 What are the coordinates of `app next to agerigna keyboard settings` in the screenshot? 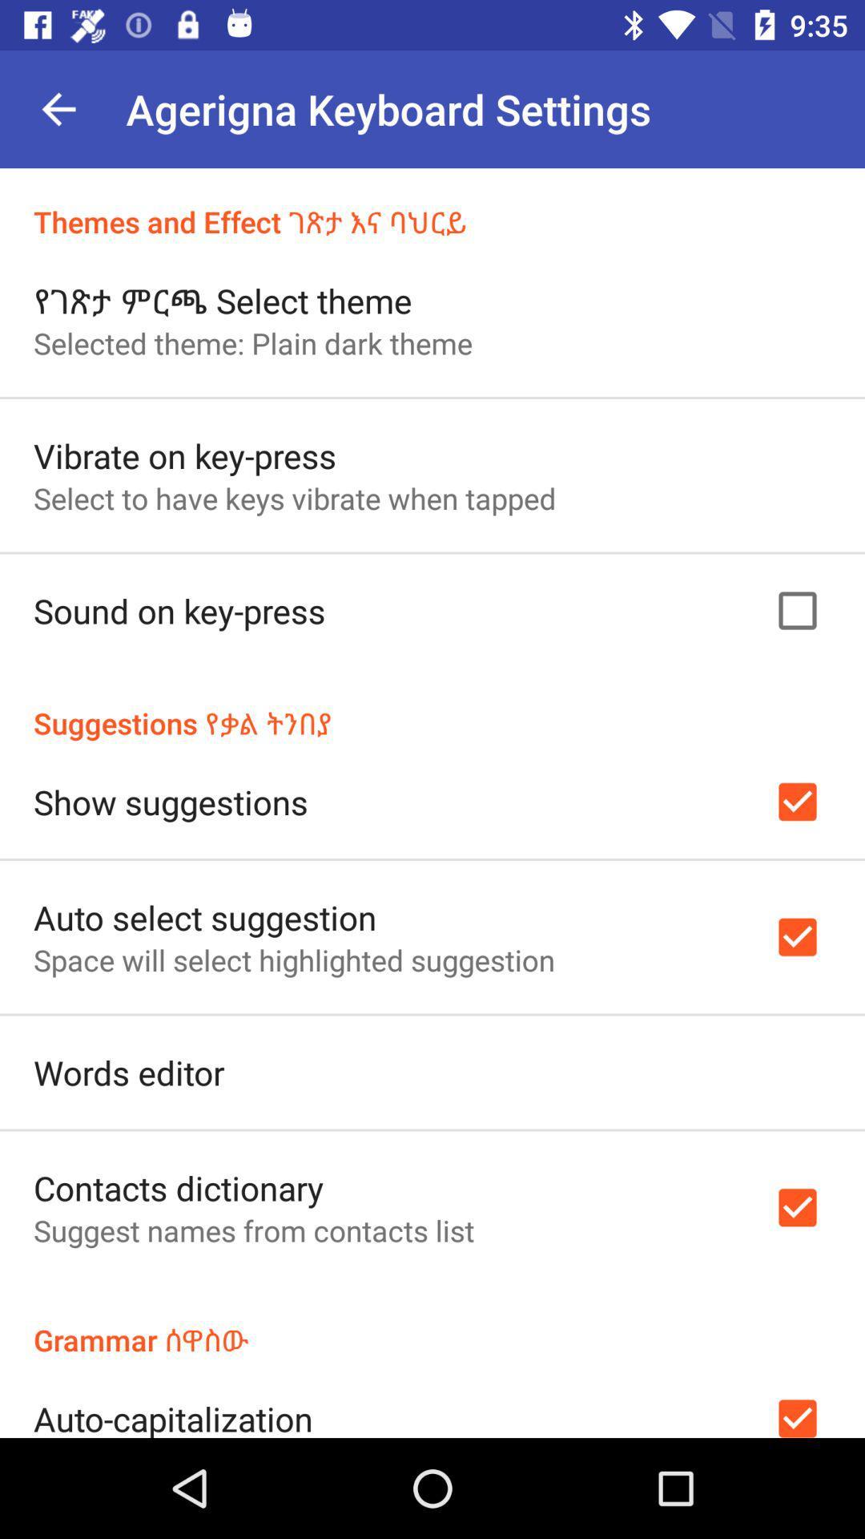 It's located at (58, 108).